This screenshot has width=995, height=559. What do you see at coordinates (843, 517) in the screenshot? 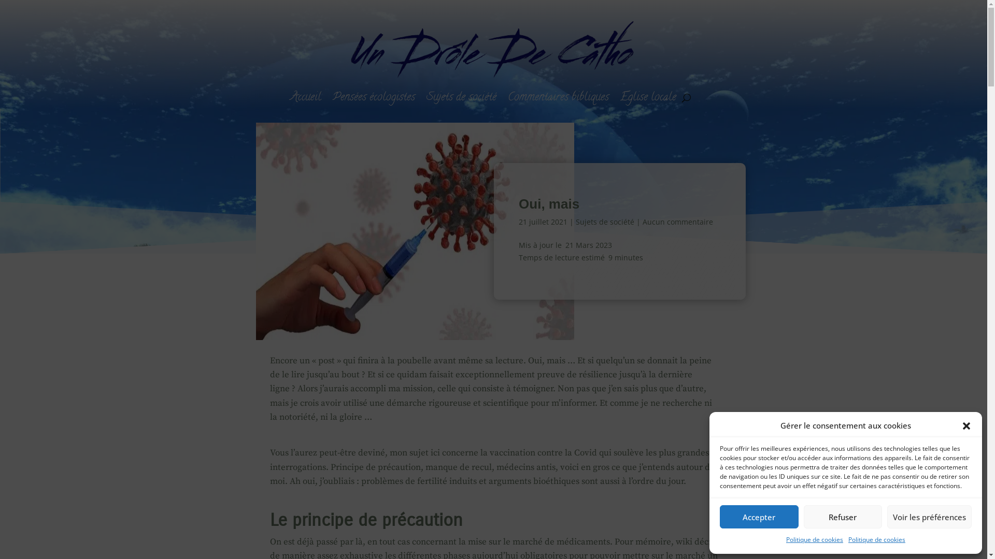
I see `'Refuser'` at bounding box center [843, 517].